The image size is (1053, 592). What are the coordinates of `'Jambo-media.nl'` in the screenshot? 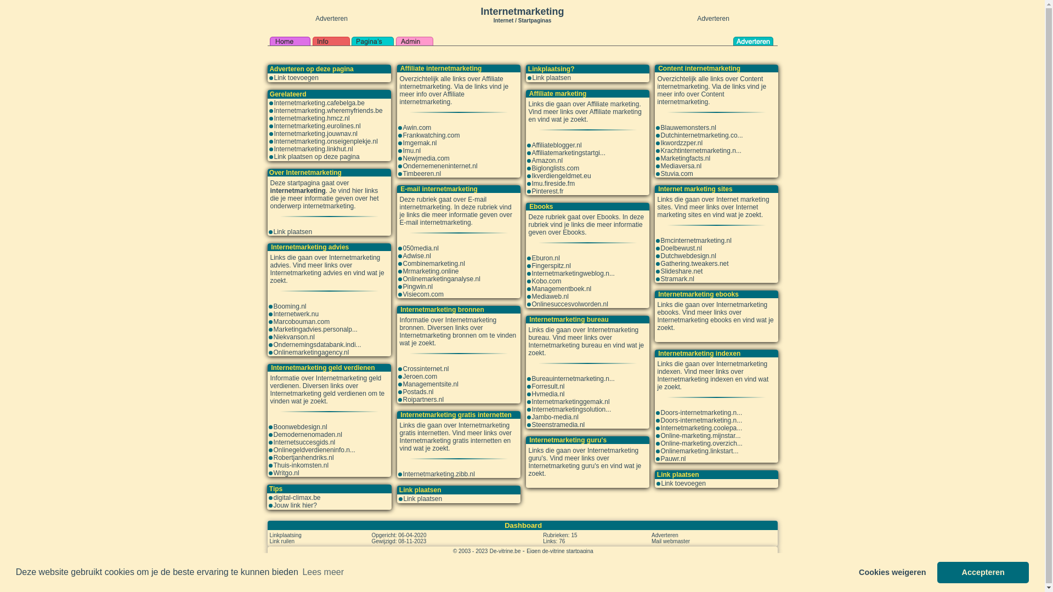 It's located at (555, 417).